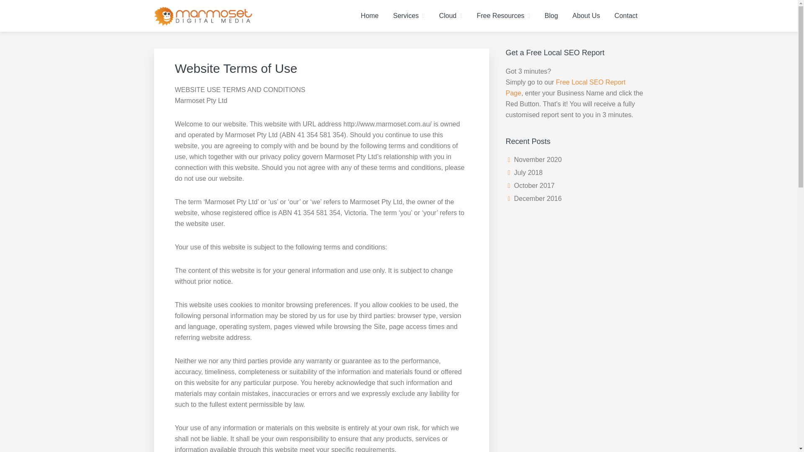  What do you see at coordinates (538, 198) in the screenshot?
I see `'December 2016'` at bounding box center [538, 198].